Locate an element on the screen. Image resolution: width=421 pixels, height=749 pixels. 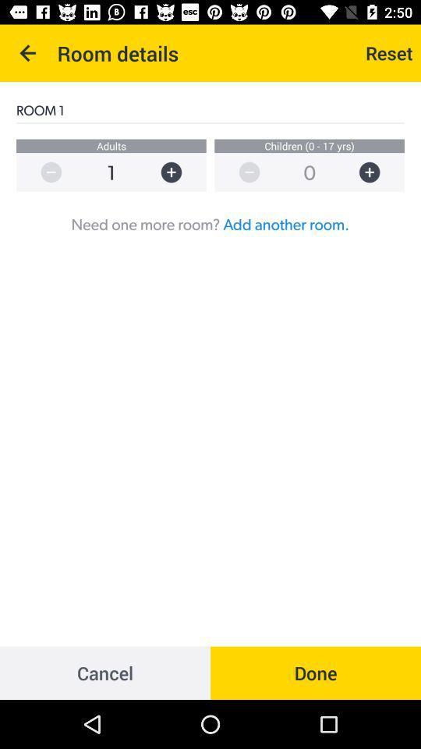
children is located at coordinates (377, 172).